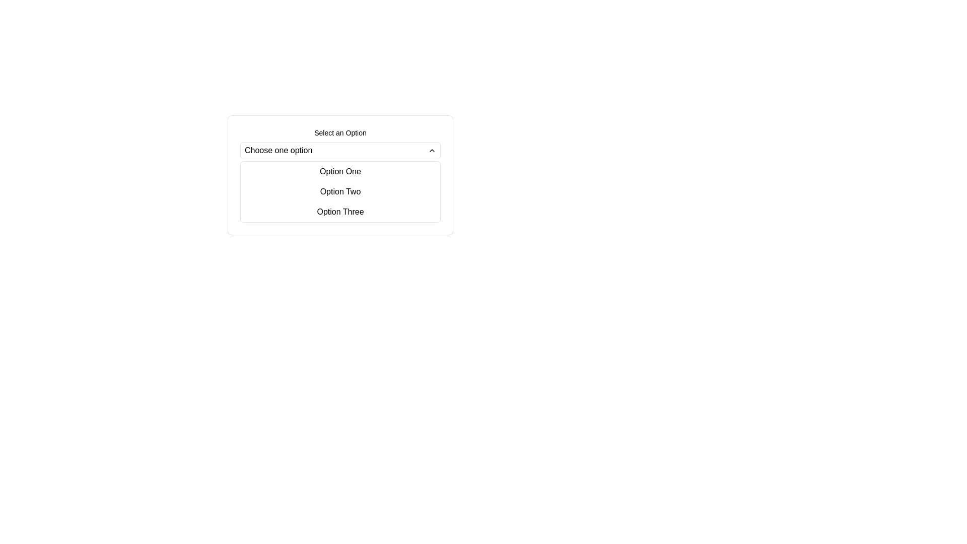 Image resolution: width=967 pixels, height=544 pixels. What do you see at coordinates (340, 192) in the screenshot?
I see `one of the options in the dropdown menu labeled 'Option One', 'Option Two', or 'Option Three'` at bounding box center [340, 192].